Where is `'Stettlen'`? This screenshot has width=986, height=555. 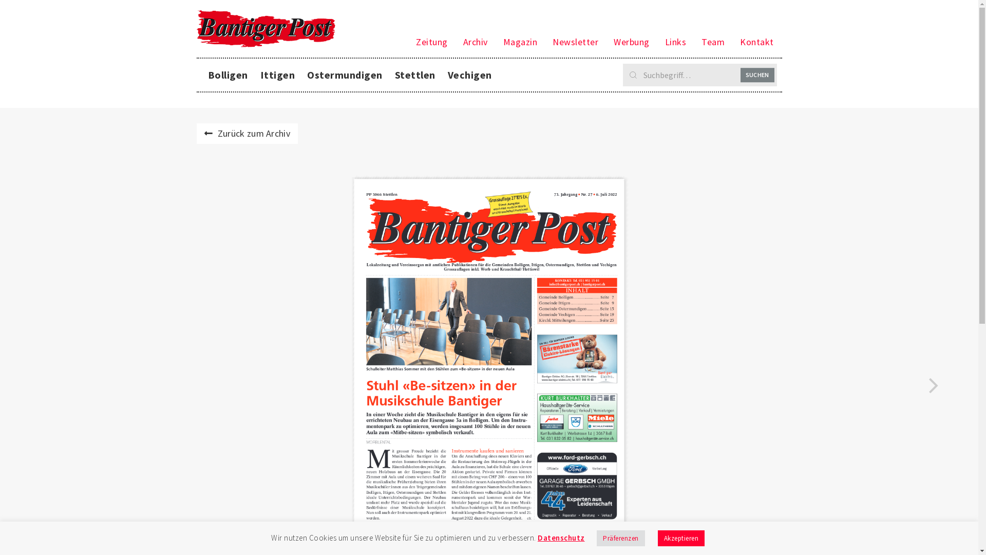 'Stettlen' is located at coordinates (414, 75).